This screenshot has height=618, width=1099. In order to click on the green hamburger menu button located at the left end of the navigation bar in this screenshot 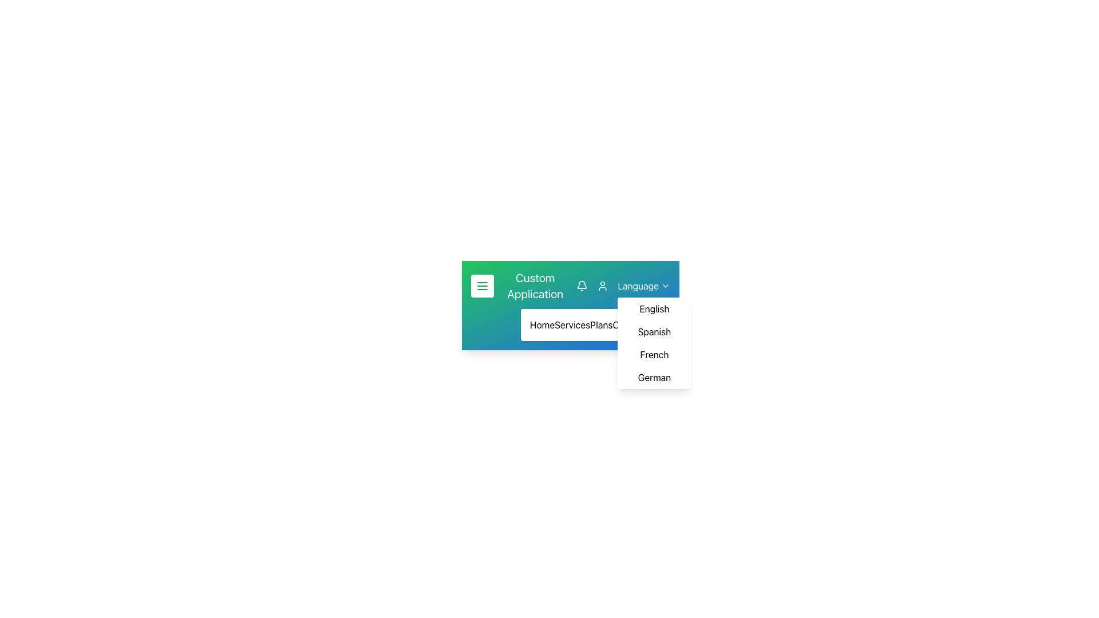, I will do `click(483, 286)`.